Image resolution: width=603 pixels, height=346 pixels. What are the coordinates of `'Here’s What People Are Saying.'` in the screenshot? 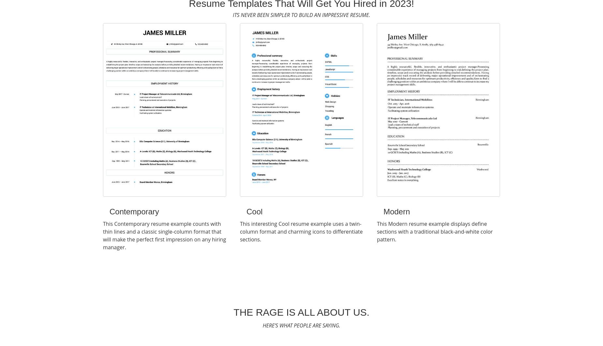 It's located at (301, 324).